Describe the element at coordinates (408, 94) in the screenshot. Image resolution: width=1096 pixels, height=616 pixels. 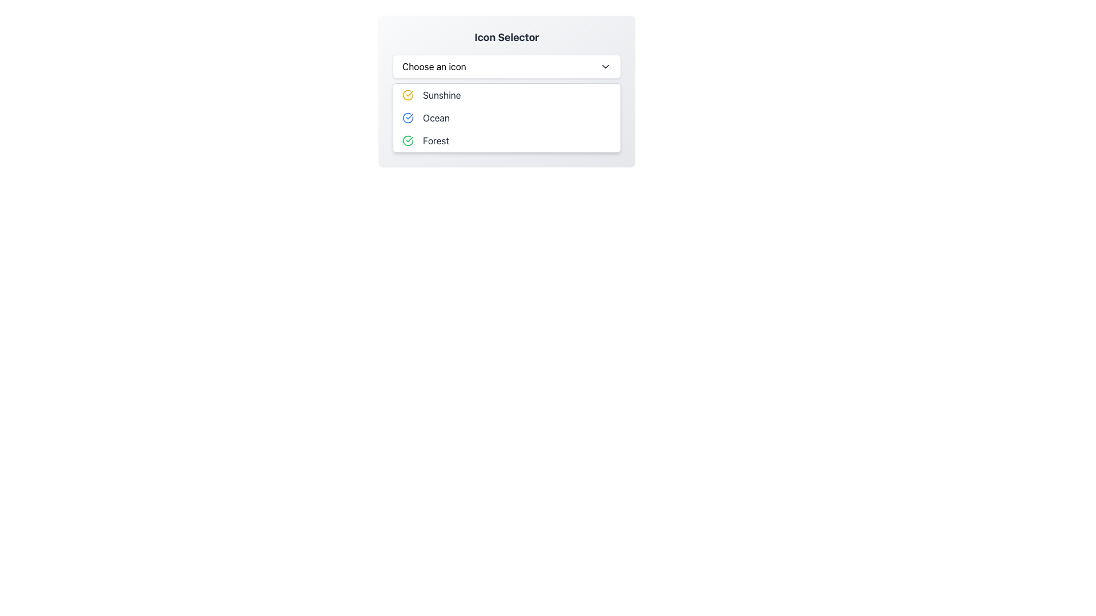
I see `the circular vector icon with a yellow outline and a checkmark, located to the left of the text 'Forest' in the dropdown menu` at that location.